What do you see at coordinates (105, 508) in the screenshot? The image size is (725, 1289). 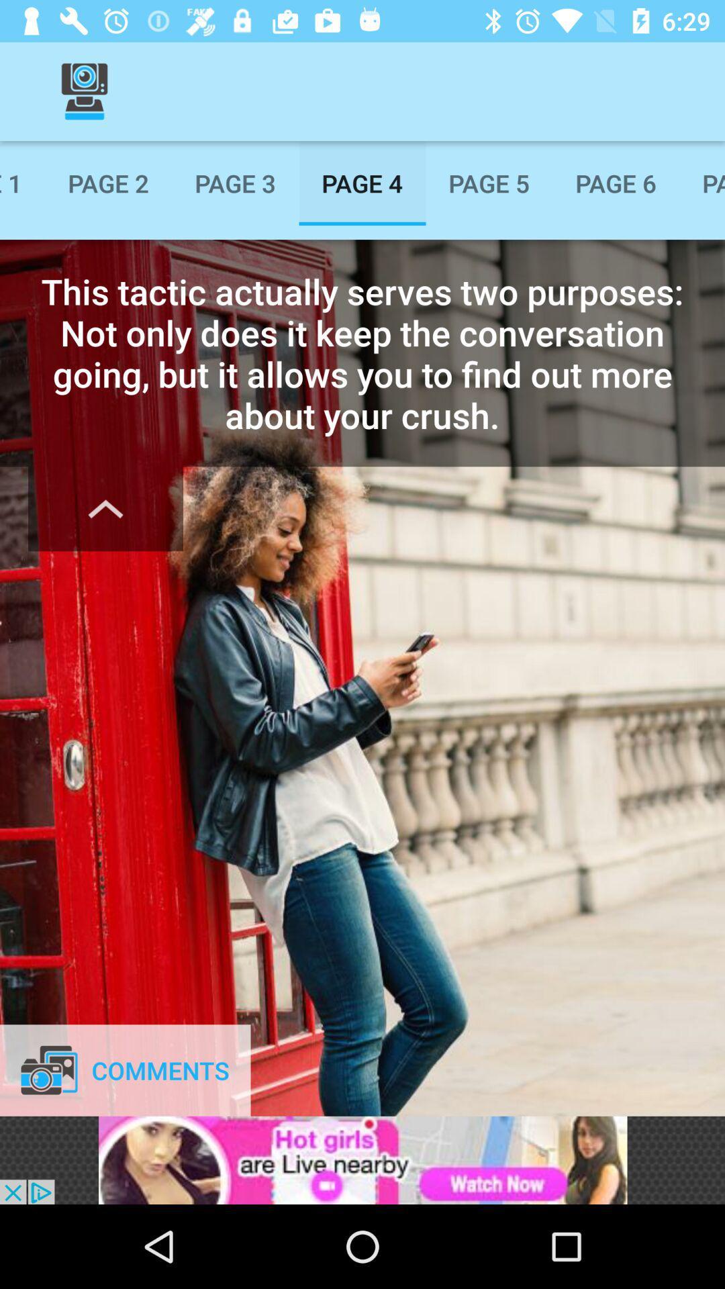 I see `hide text` at bounding box center [105, 508].